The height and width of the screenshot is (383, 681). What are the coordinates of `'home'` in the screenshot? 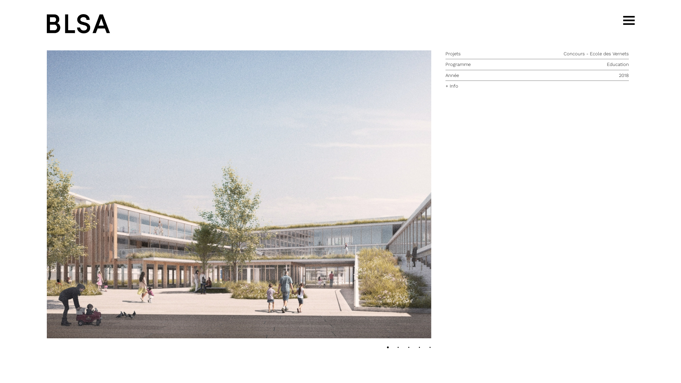 It's located at (78, 23).